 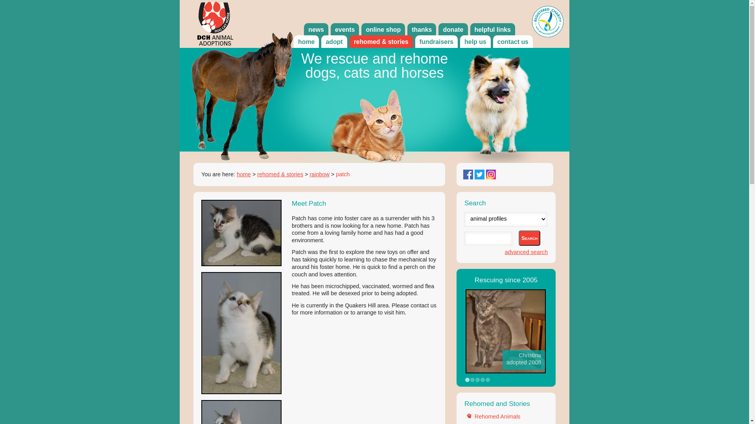 What do you see at coordinates (241, 333) in the screenshot?
I see `'4077-Patch-picture1'` at bounding box center [241, 333].